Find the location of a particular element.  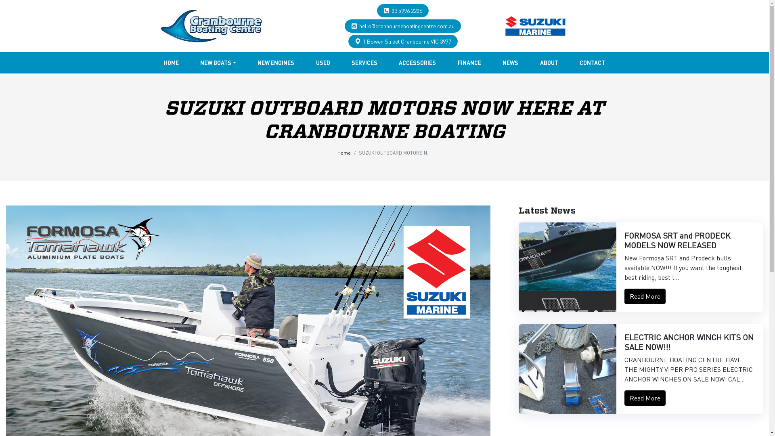

'NEWS' is located at coordinates (499, 62).